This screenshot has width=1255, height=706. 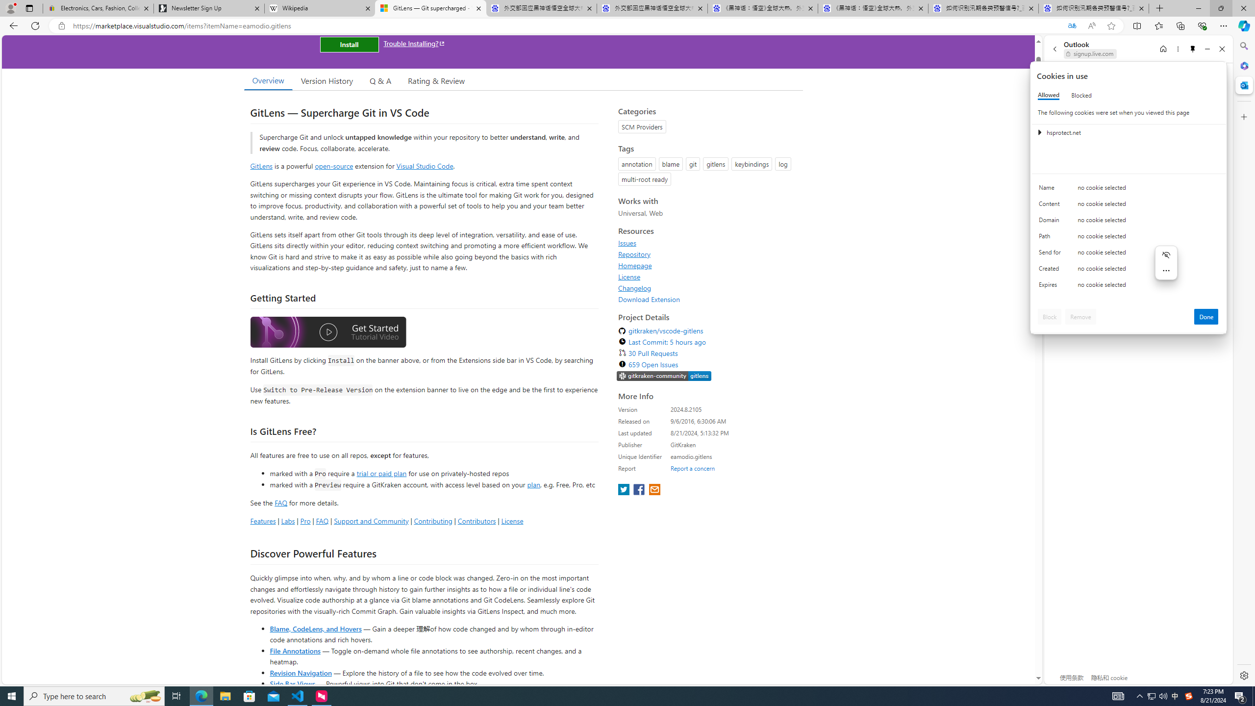 What do you see at coordinates (1166, 254) in the screenshot?
I see `'Hide menu'` at bounding box center [1166, 254].